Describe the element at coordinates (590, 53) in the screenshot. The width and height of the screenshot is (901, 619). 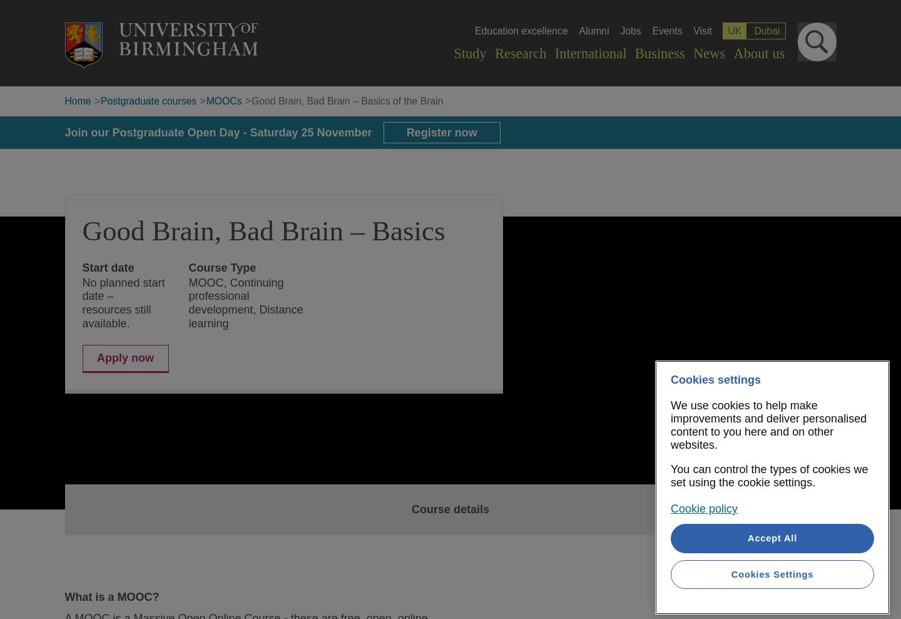
I see `'International'` at that location.